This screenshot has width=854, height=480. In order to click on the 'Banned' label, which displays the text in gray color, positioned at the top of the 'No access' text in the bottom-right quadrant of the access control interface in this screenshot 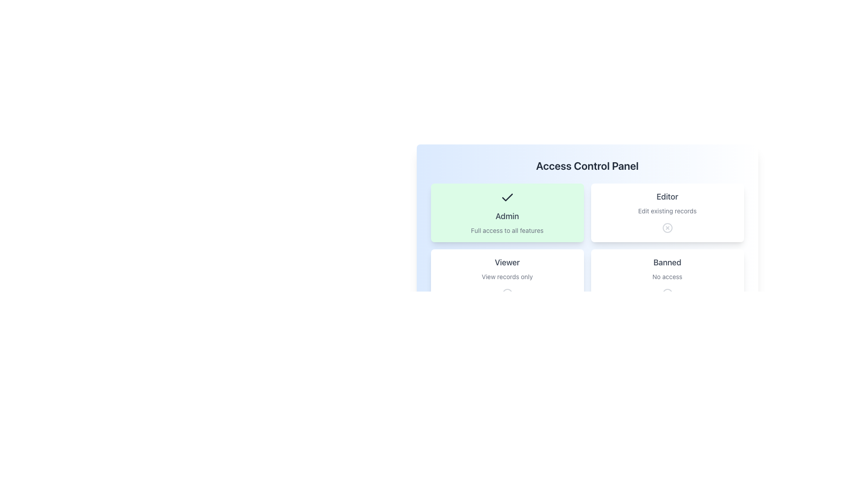, I will do `click(667, 262)`.